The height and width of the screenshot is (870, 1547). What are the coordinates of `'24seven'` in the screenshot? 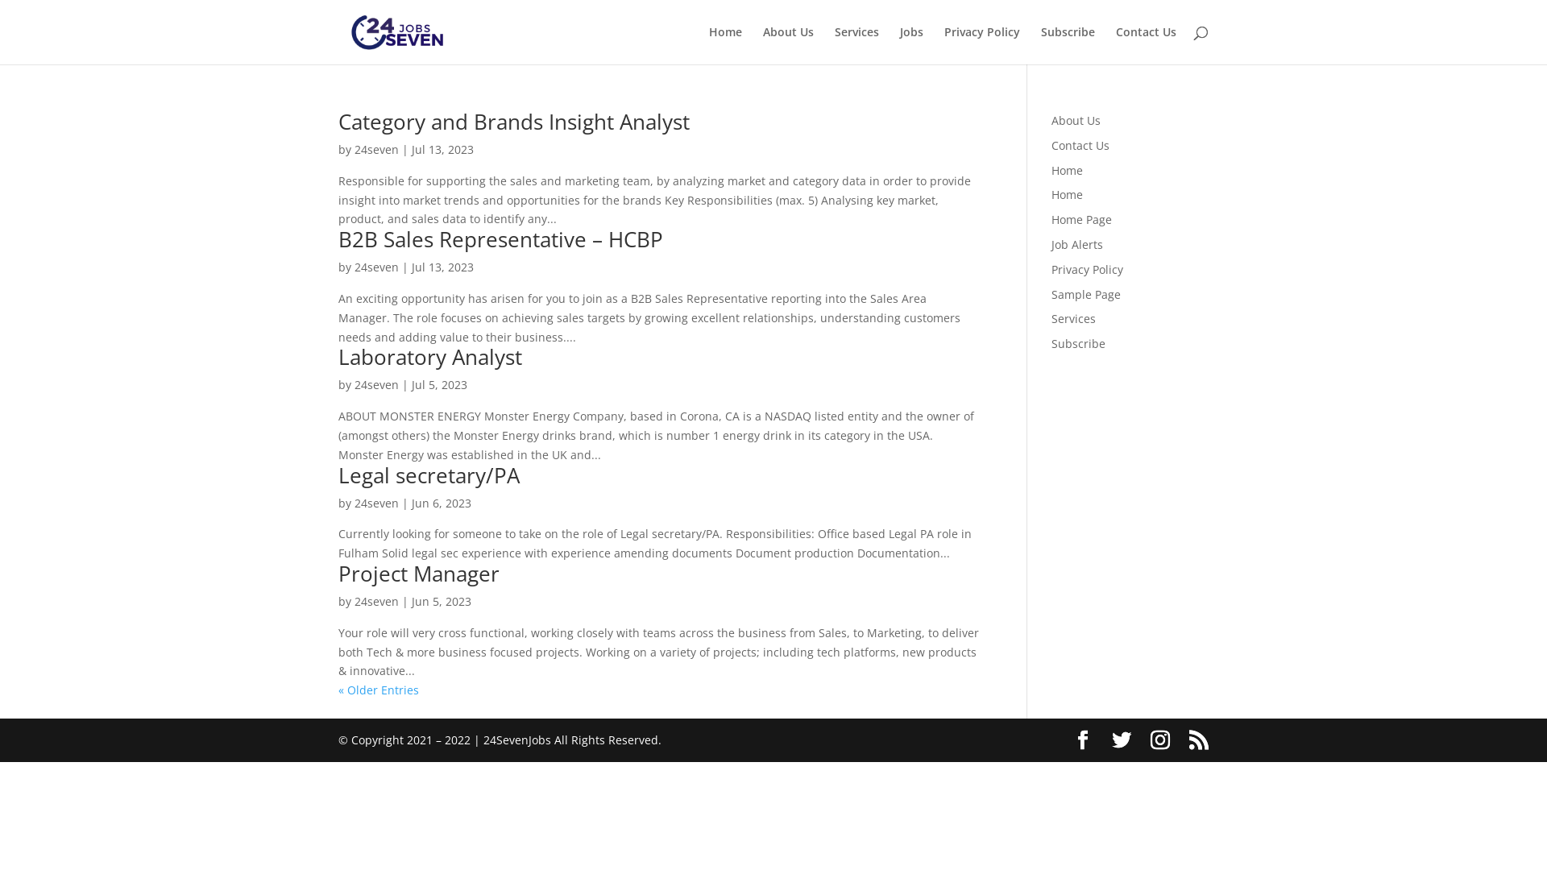 It's located at (354, 502).